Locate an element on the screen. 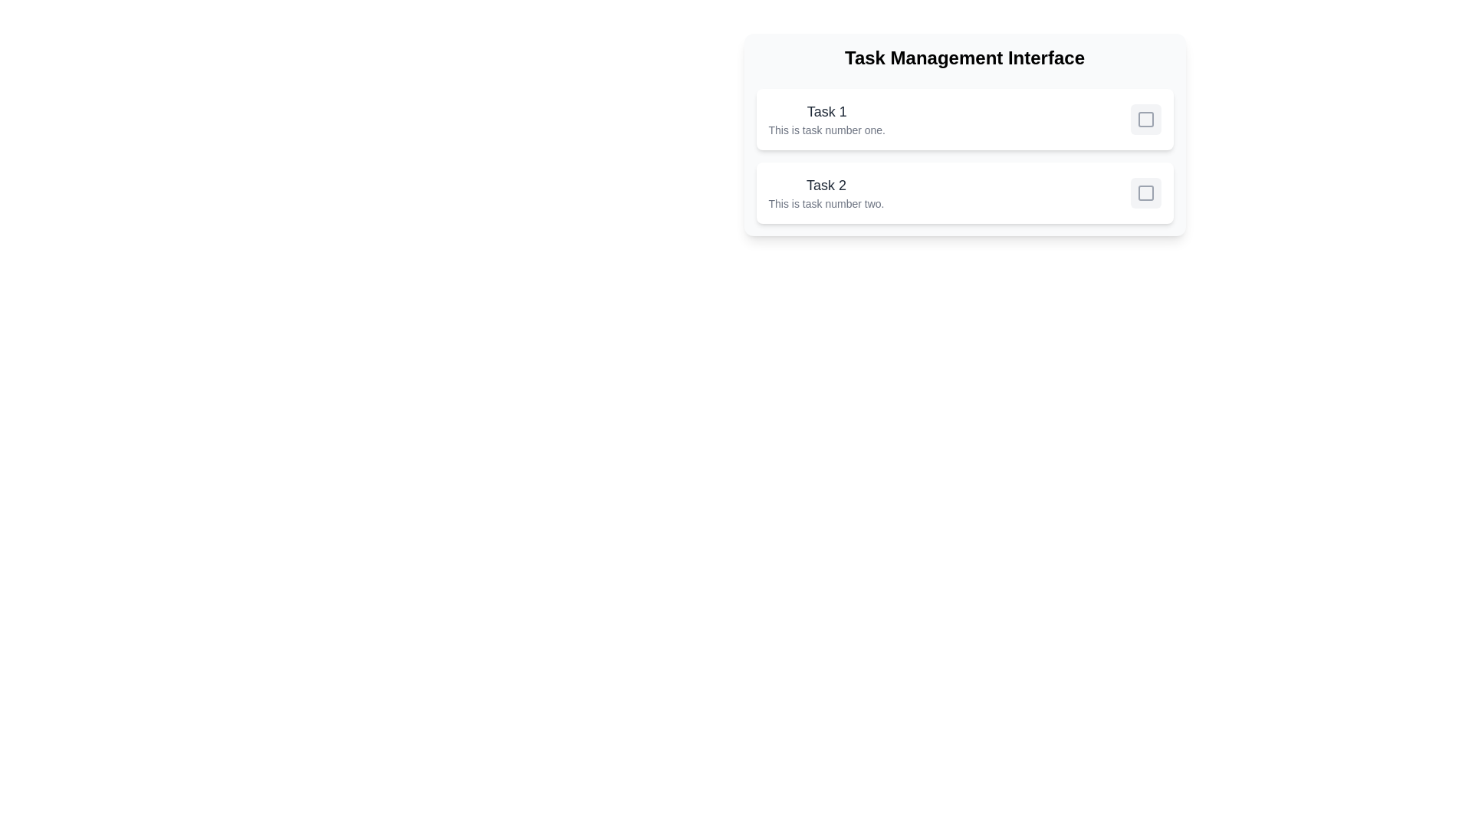 The height and width of the screenshot is (828, 1472). the text display element that shows 'Task 1' and 'This is task number one.' to use it as a reference for performing further tasks is located at coordinates (826, 118).